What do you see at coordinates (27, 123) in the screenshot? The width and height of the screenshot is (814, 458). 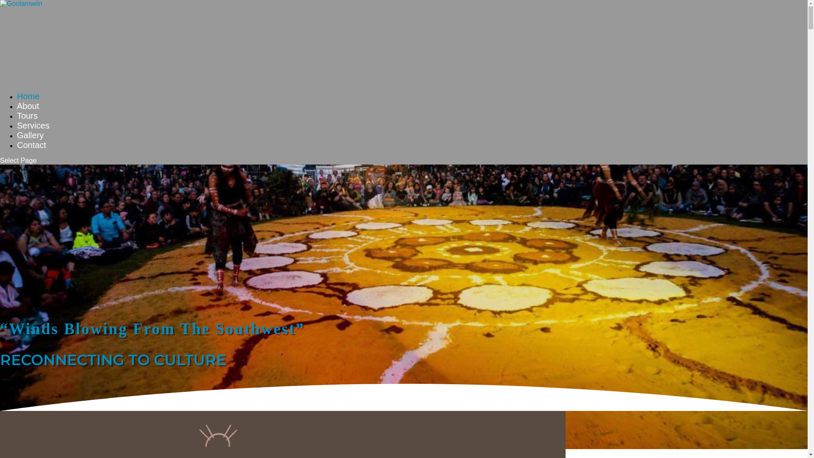 I see `'Tours'` at bounding box center [27, 123].